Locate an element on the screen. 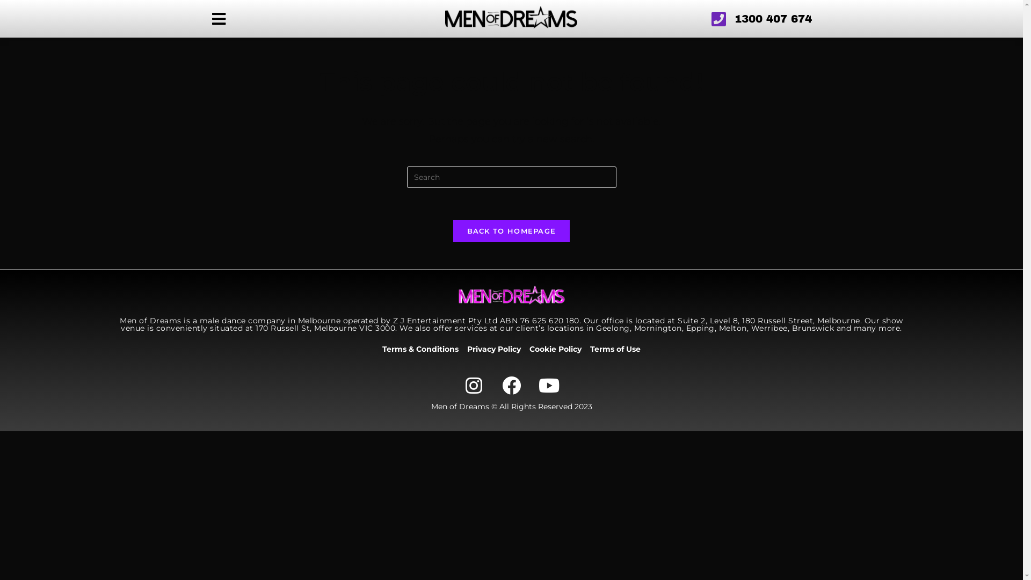  'Cookie Policy' is located at coordinates (555, 349).